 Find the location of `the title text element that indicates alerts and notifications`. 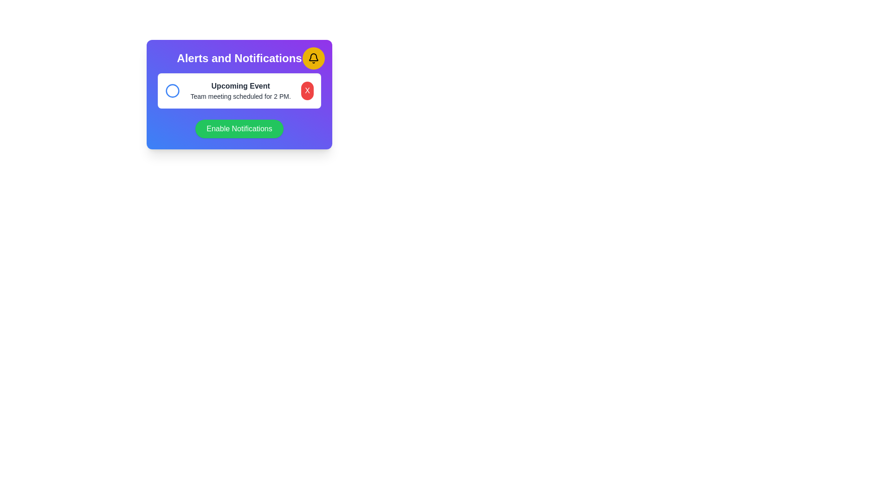

the title text element that indicates alerts and notifications is located at coordinates (239, 58).